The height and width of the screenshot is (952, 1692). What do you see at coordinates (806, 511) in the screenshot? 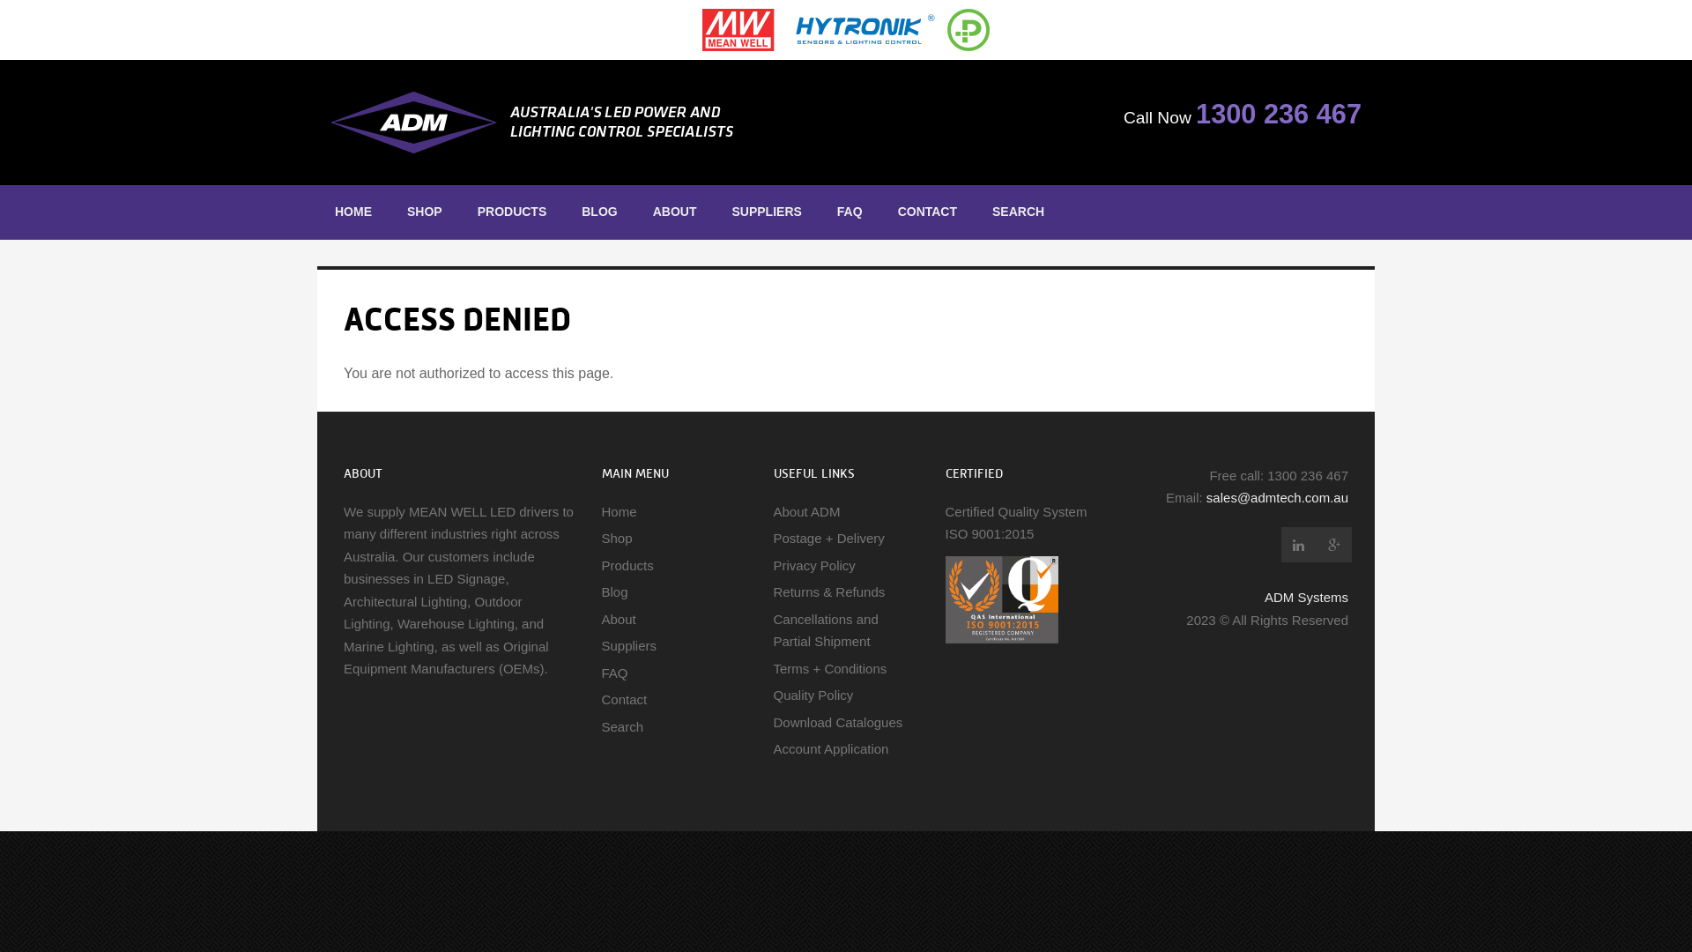
I see `'About ADM'` at bounding box center [806, 511].